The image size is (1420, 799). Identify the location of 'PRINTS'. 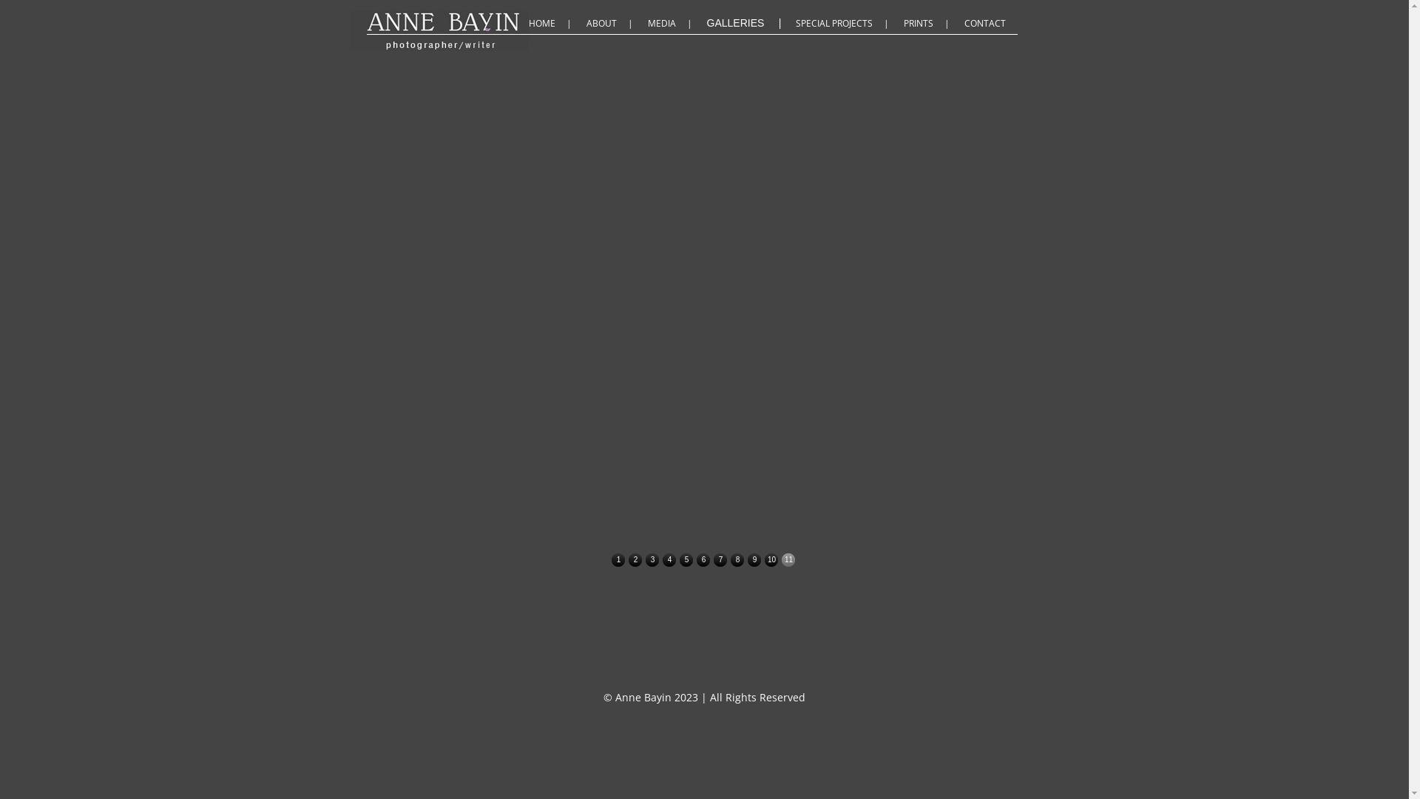
(903, 23).